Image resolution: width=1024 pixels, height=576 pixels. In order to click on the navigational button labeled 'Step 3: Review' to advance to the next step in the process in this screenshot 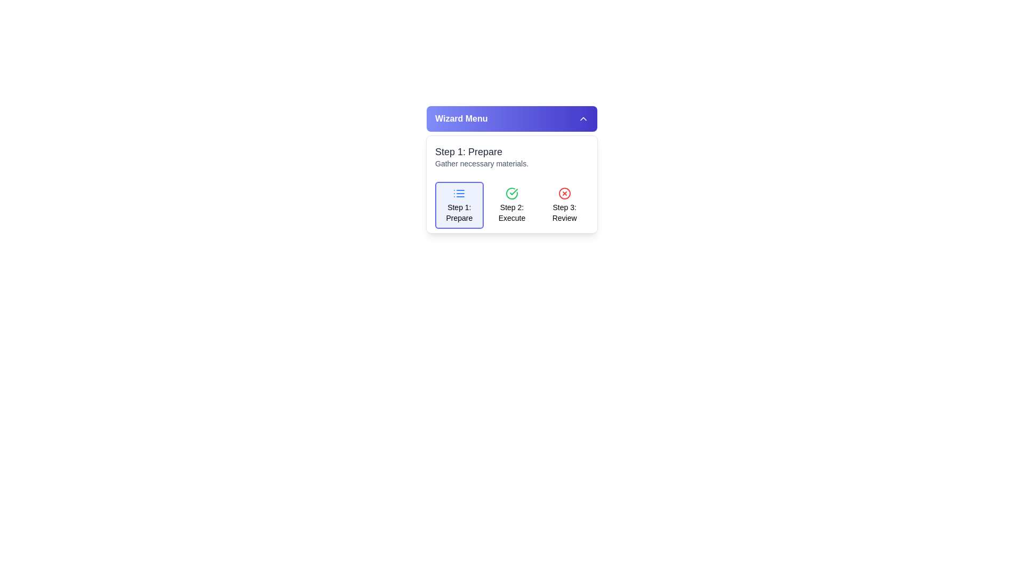, I will do `click(564, 205)`.